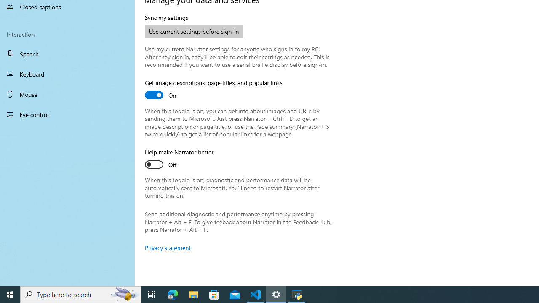 The width and height of the screenshot is (539, 303). What do you see at coordinates (194, 31) in the screenshot?
I see `'Use current settings before sign-in'` at bounding box center [194, 31].